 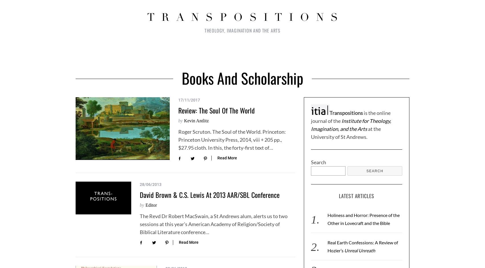 What do you see at coordinates (232, 140) in the screenshot?
I see `'Roger Scruton. The Soul of the World. Princeton: Princeton University Press, 2014, viii + 205 pp., $27.95 cloth. In this, the forty-first text of…'` at bounding box center [232, 140].